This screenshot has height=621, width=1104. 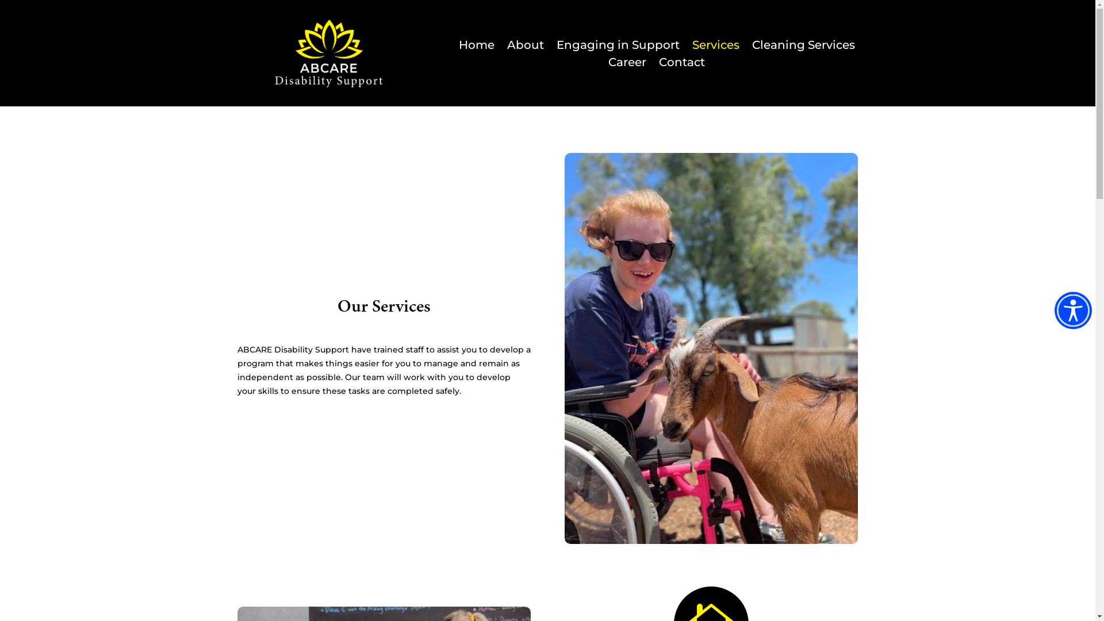 I want to click on 'Cleaning Services', so click(x=752, y=46).